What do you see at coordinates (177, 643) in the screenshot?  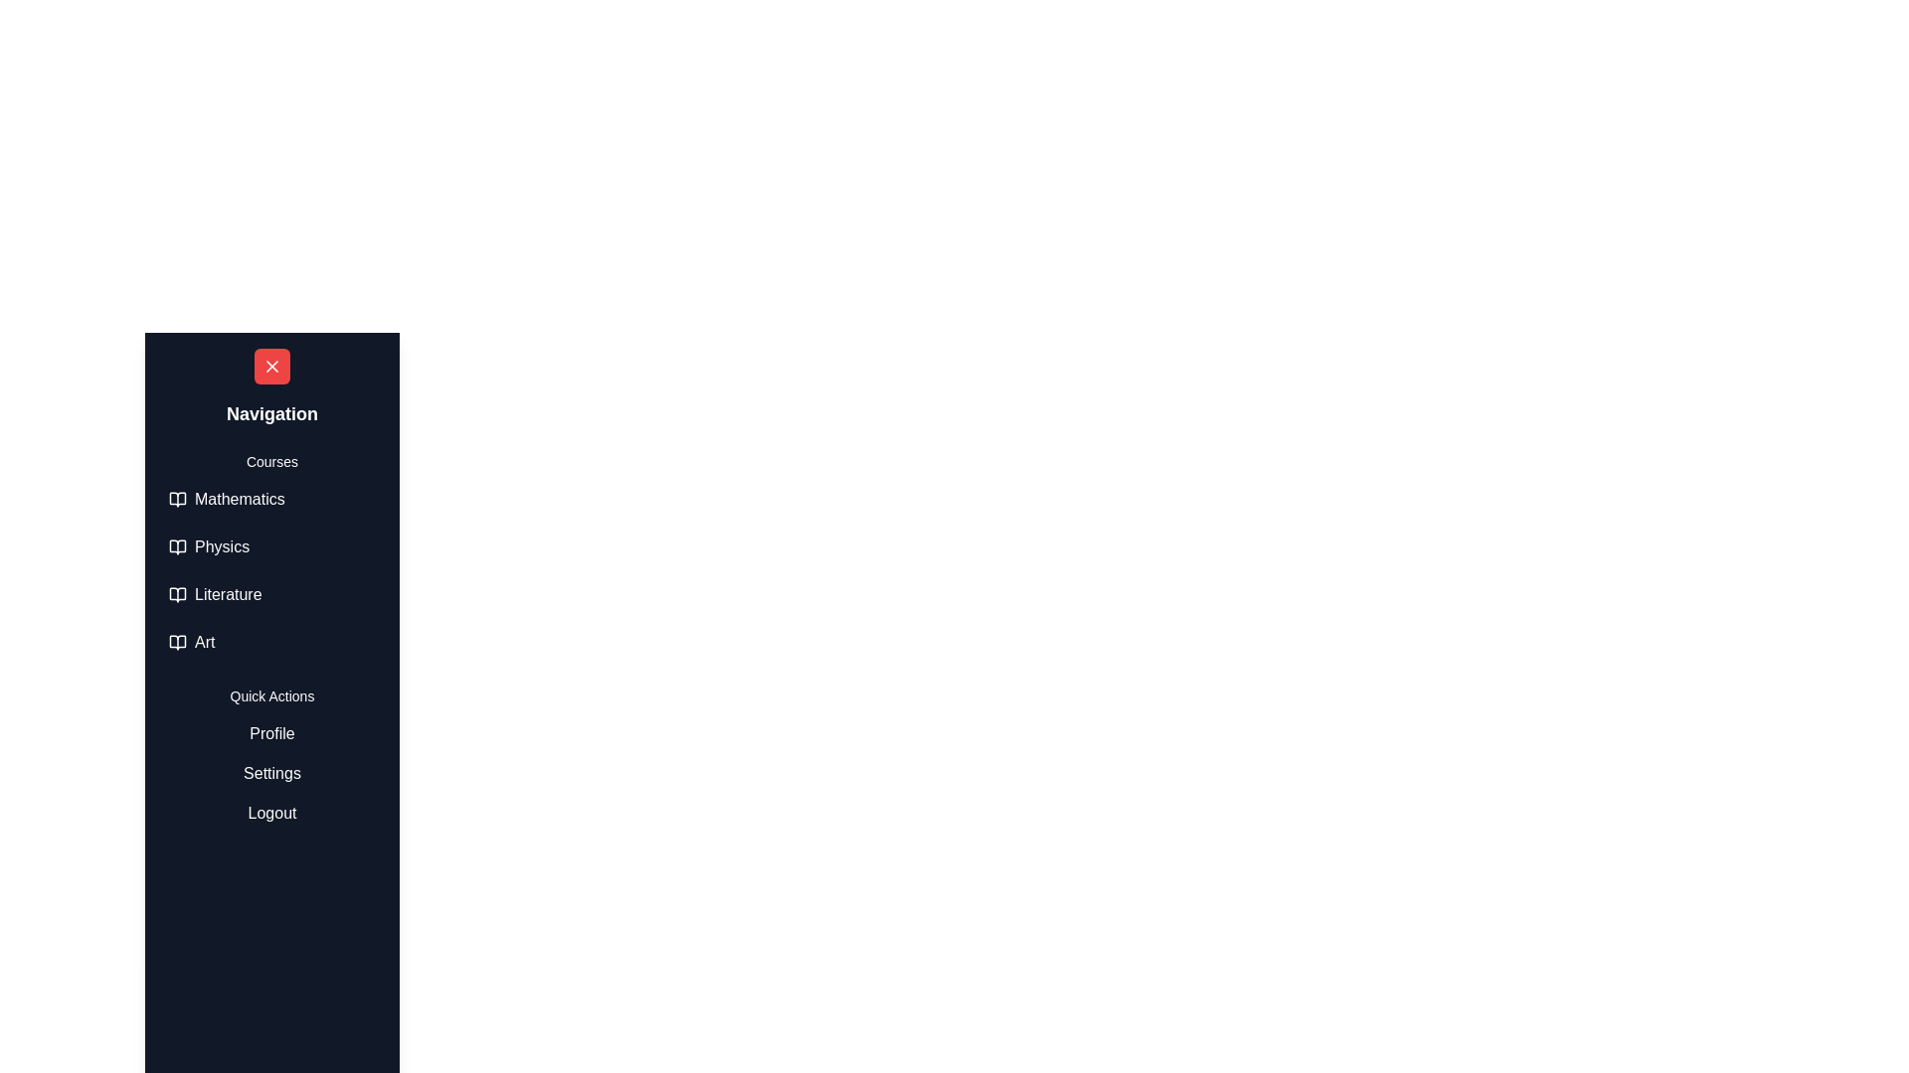 I see `the 'Art' icon located in the fourth position under the 'Courses' section of the sidebar` at bounding box center [177, 643].